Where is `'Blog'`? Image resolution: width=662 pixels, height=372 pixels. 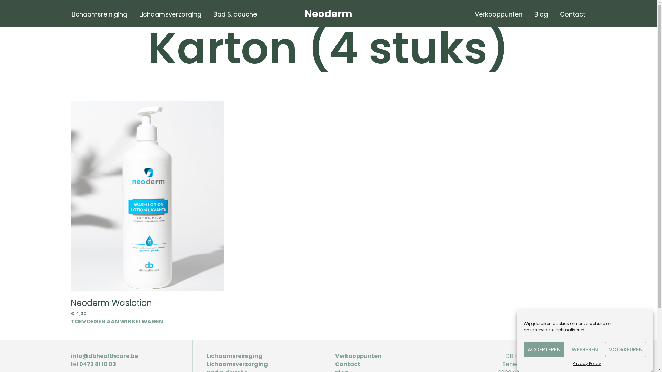 'Blog' is located at coordinates (540, 14).